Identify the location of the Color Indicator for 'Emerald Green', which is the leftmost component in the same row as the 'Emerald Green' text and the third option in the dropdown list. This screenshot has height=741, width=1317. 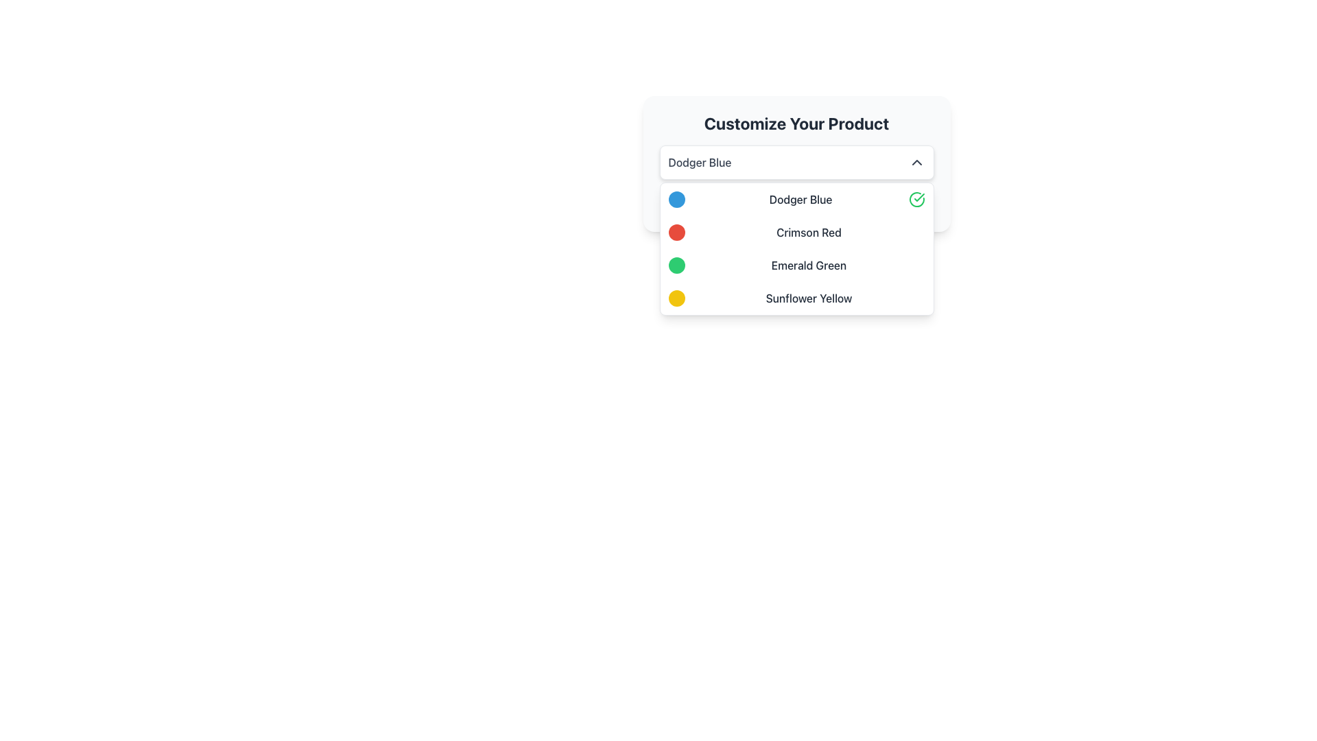
(676, 265).